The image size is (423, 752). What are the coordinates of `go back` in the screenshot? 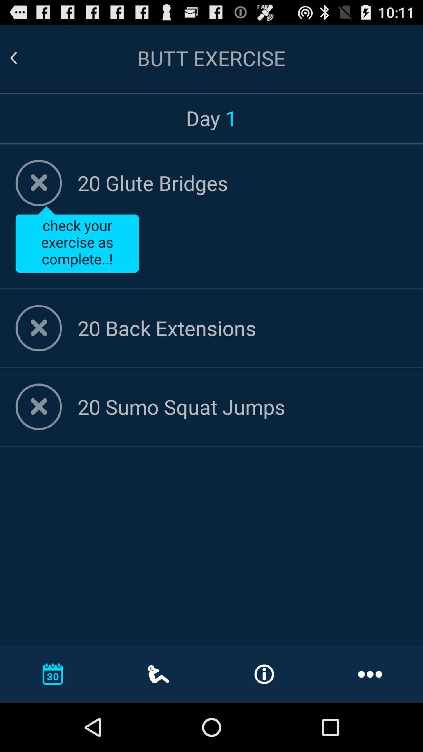 It's located at (23, 58).